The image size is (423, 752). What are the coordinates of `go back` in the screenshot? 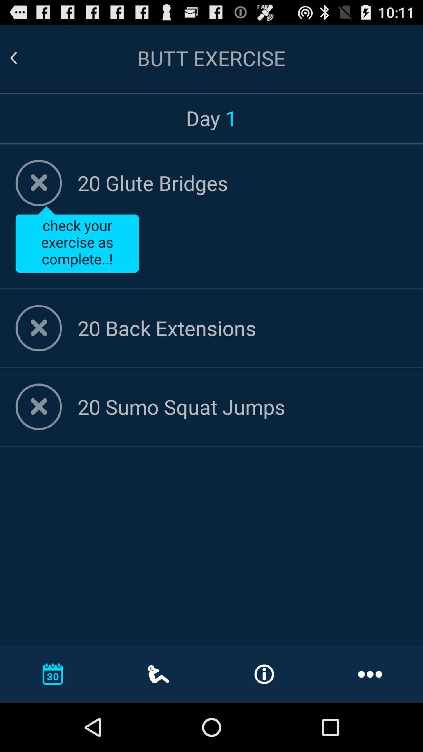 It's located at (23, 58).